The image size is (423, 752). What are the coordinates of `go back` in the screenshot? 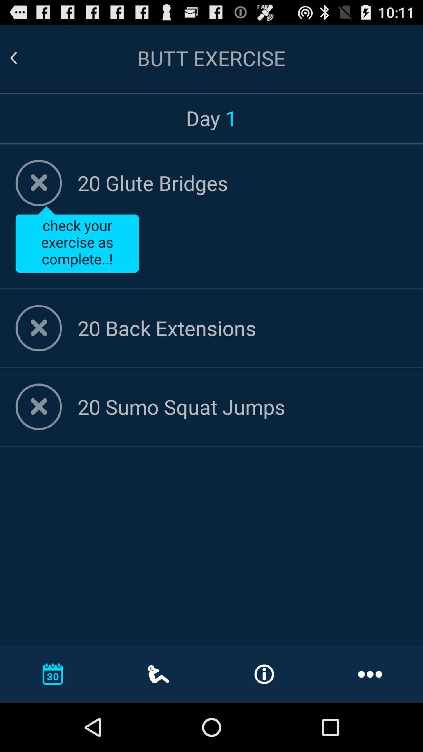 It's located at (23, 58).